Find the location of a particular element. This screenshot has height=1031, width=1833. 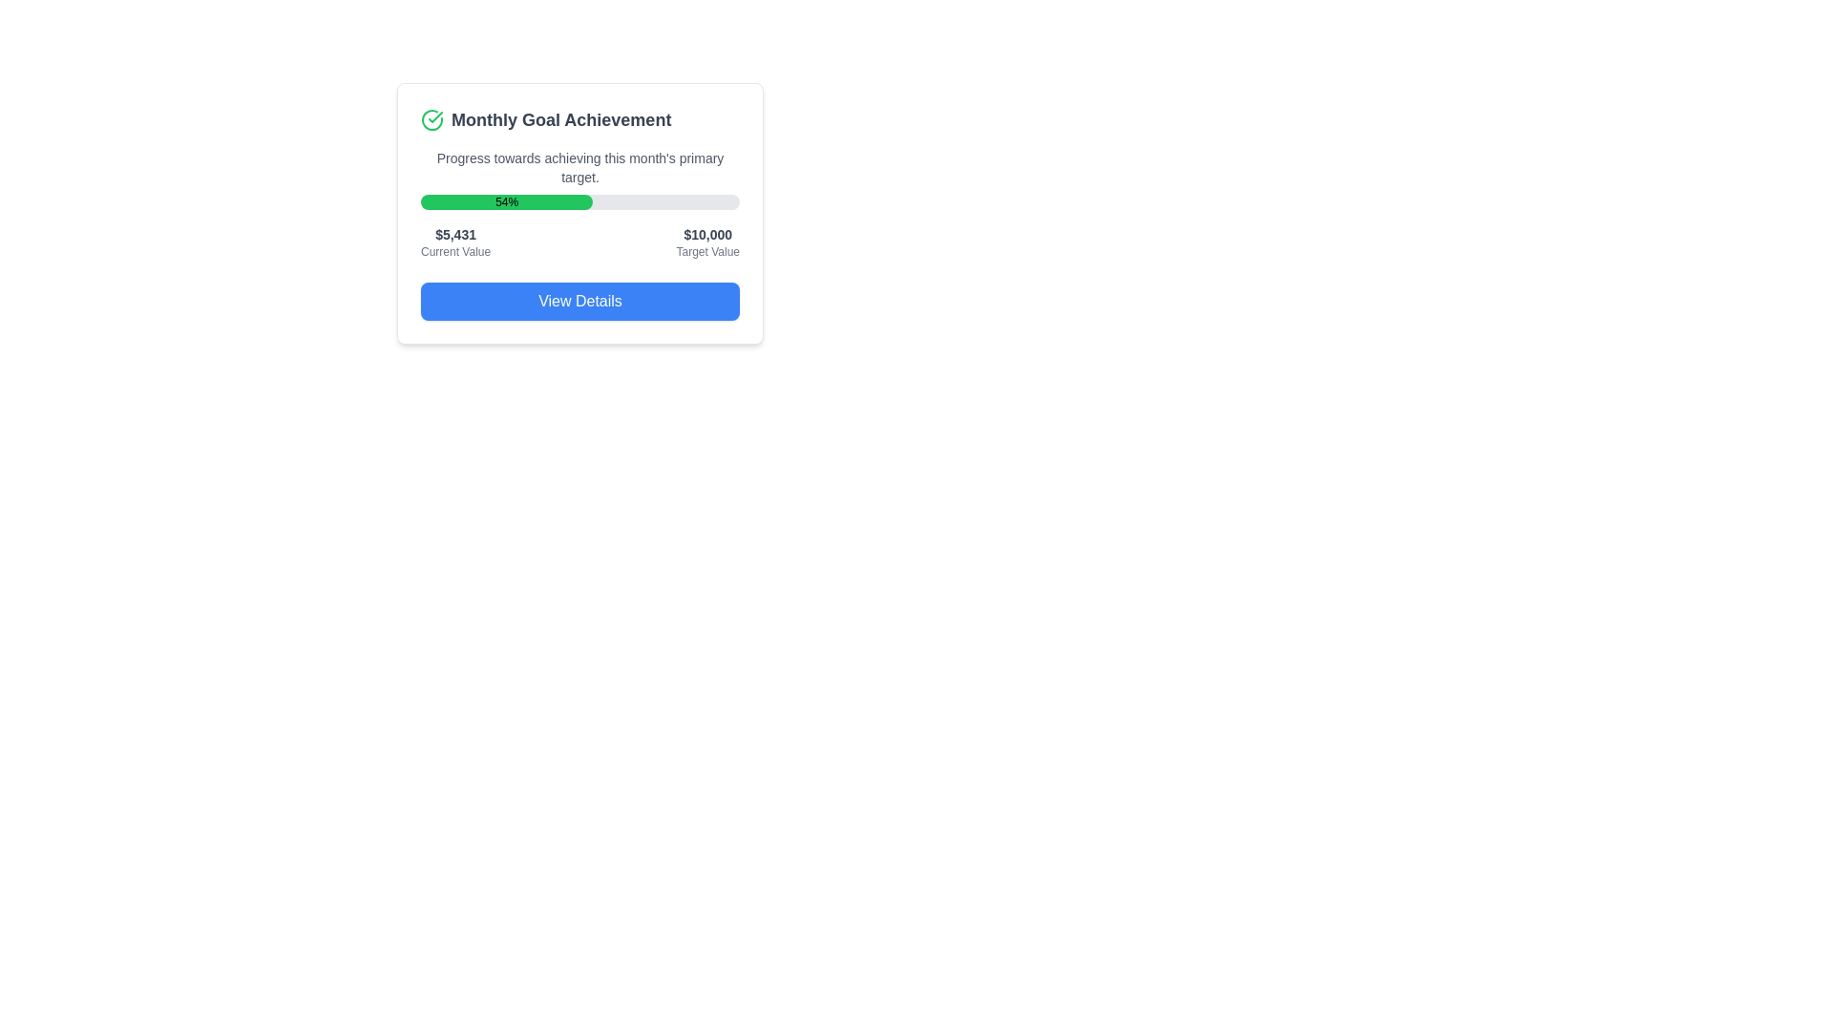

visual indicator icon for successful achievement located to the left of the 'Monthly Goal Achievement' text within the header area of a card or panel is located at coordinates (431, 120).